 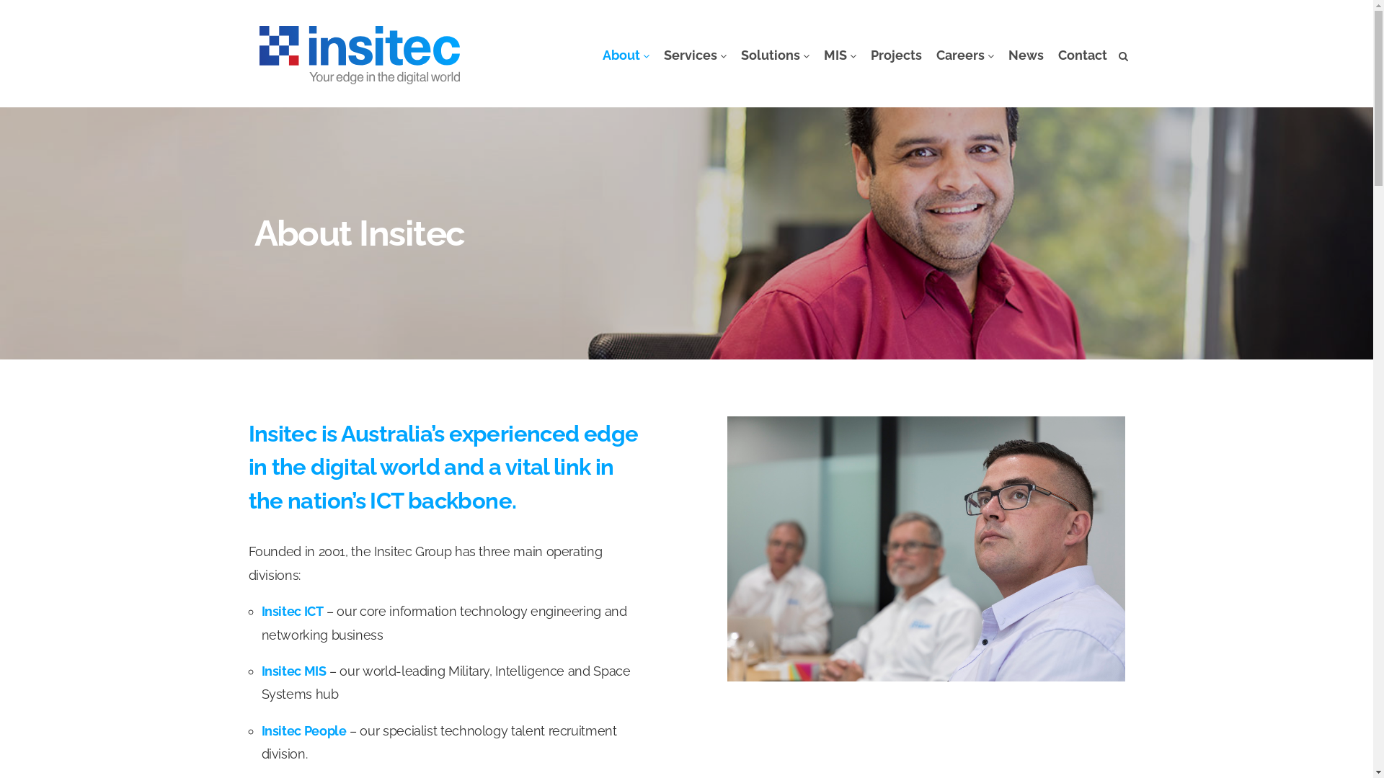 What do you see at coordinates (1083, 55) in the screenshot?
I see `'Contact'` at bounding box center [1083, 55].